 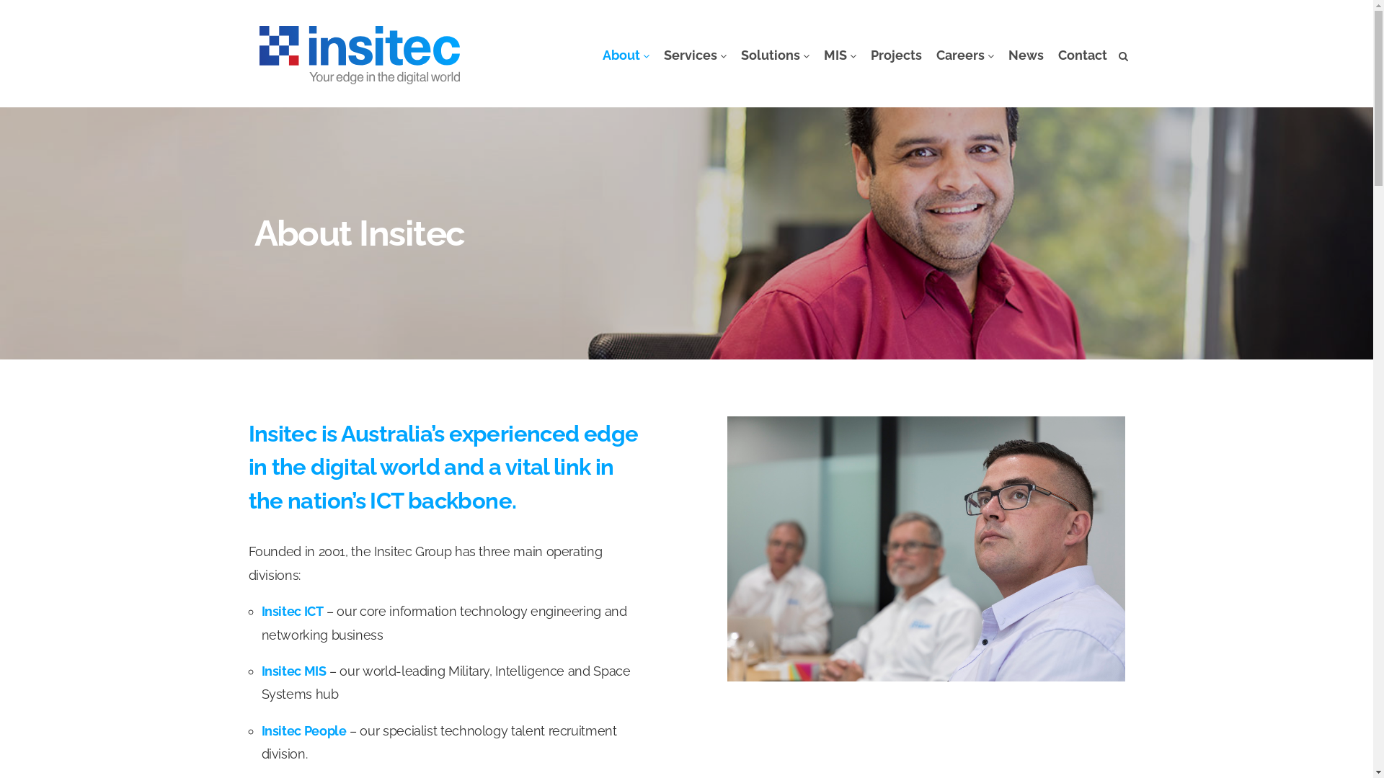 What do you see at coordinates (1083, 55) in the screenshot?
I see `'Contact'` at bounding box center [1083, 55].